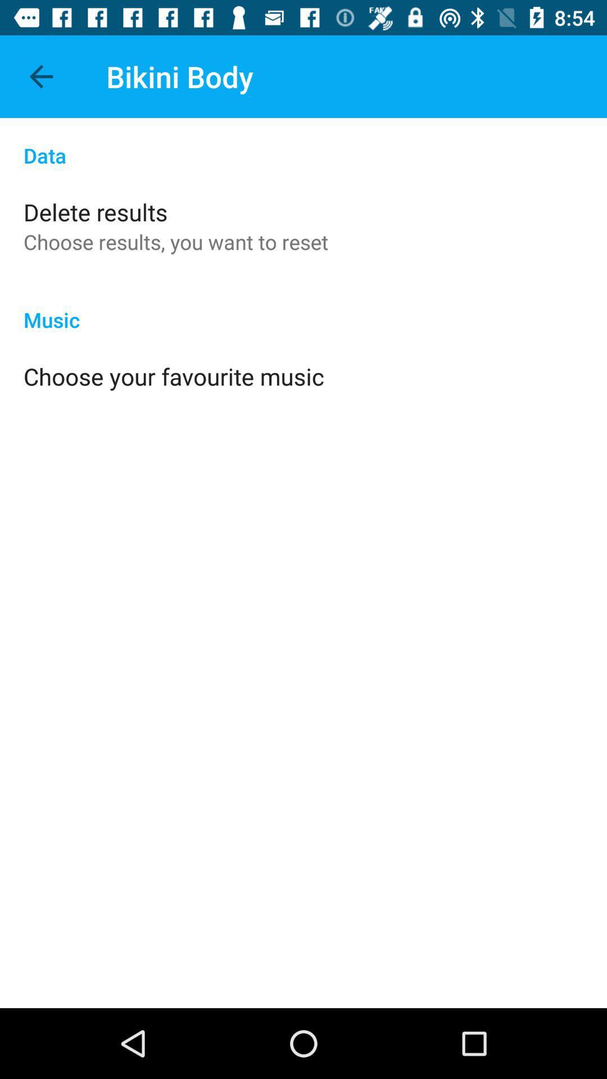 This screenshot has height=1079, width=607. I want to click on icon above choose results you app, so click(95, 212).